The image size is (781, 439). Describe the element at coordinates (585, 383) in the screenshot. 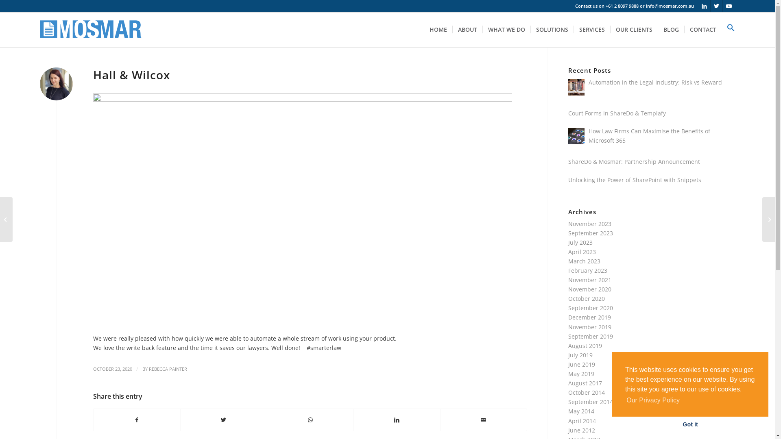

I see `'August 2017'` at that location.